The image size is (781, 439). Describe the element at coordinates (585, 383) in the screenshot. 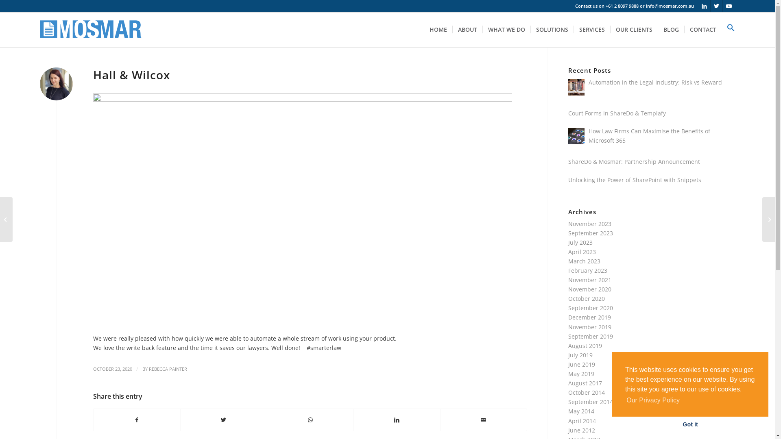

I see `'August 2017'` at that location.